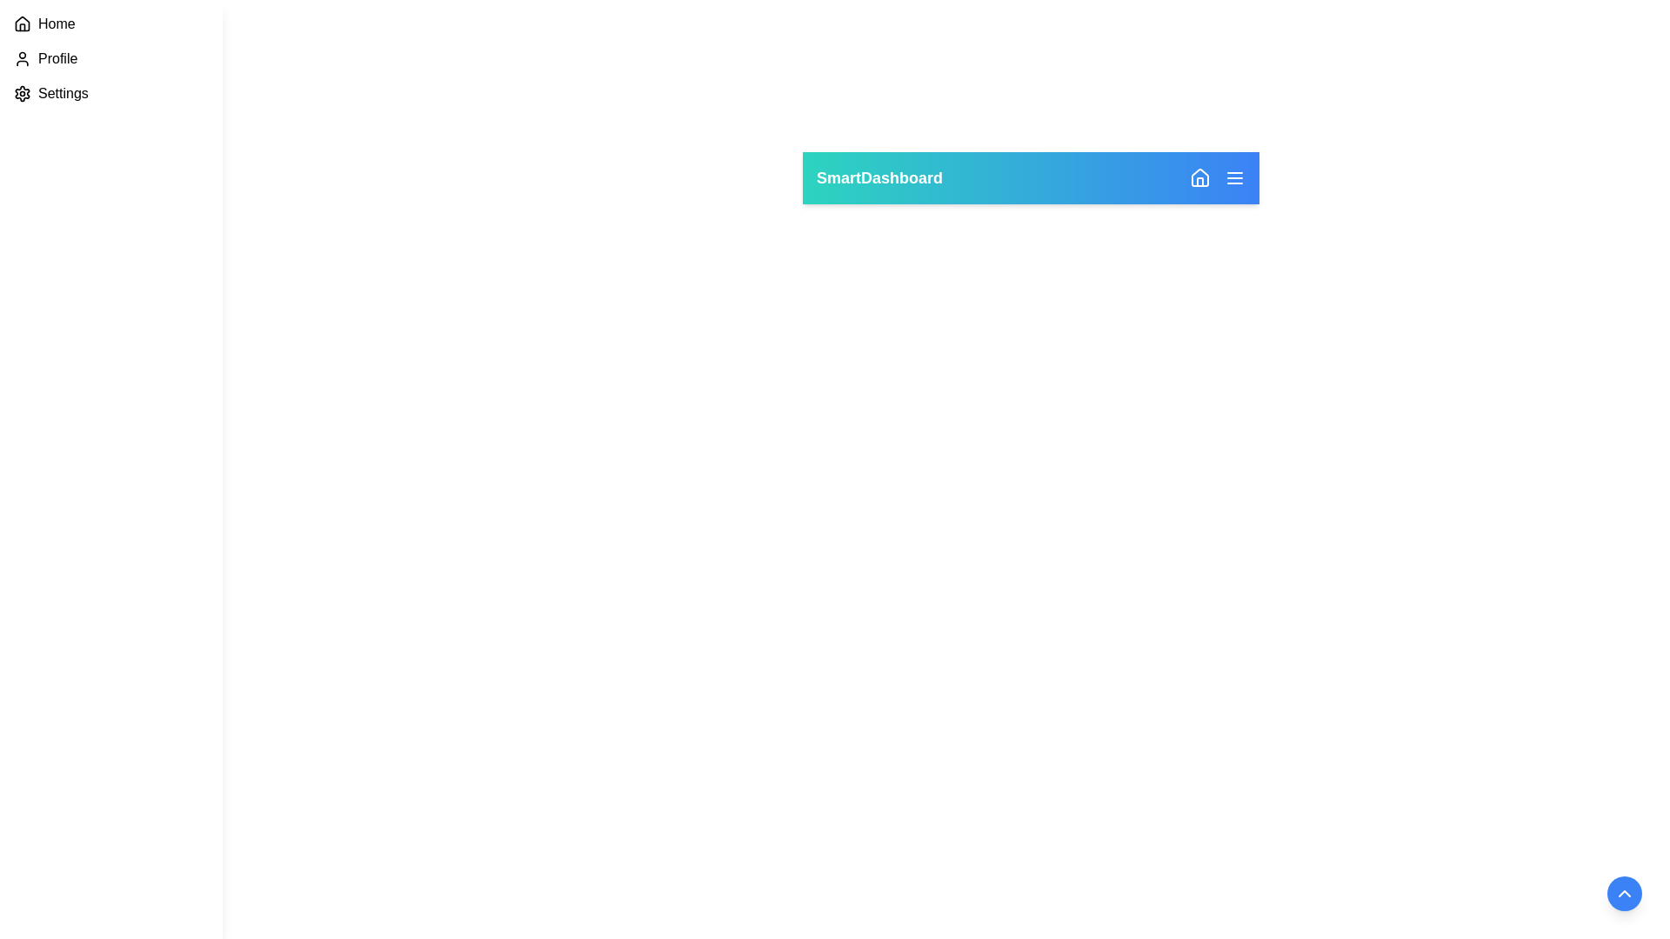 This screenshot has width=1670, height=939. I want to click on the static title text element located at the far-left position within the header bar of the interface, so click(879, 177).